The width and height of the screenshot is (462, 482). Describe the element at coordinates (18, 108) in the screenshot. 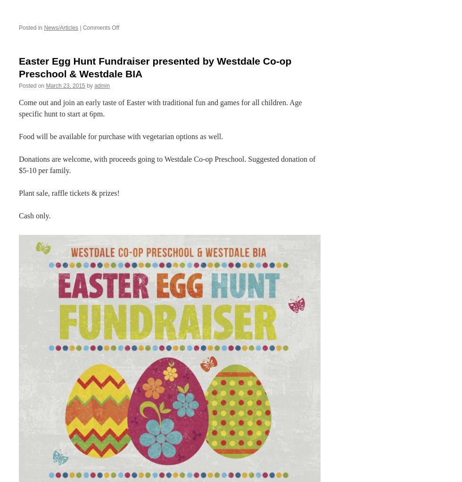

I see `'Come out and join an early taste of Easter with traditional fun and games for all children. Age specific hunt to start at 6pm.'` at that location.